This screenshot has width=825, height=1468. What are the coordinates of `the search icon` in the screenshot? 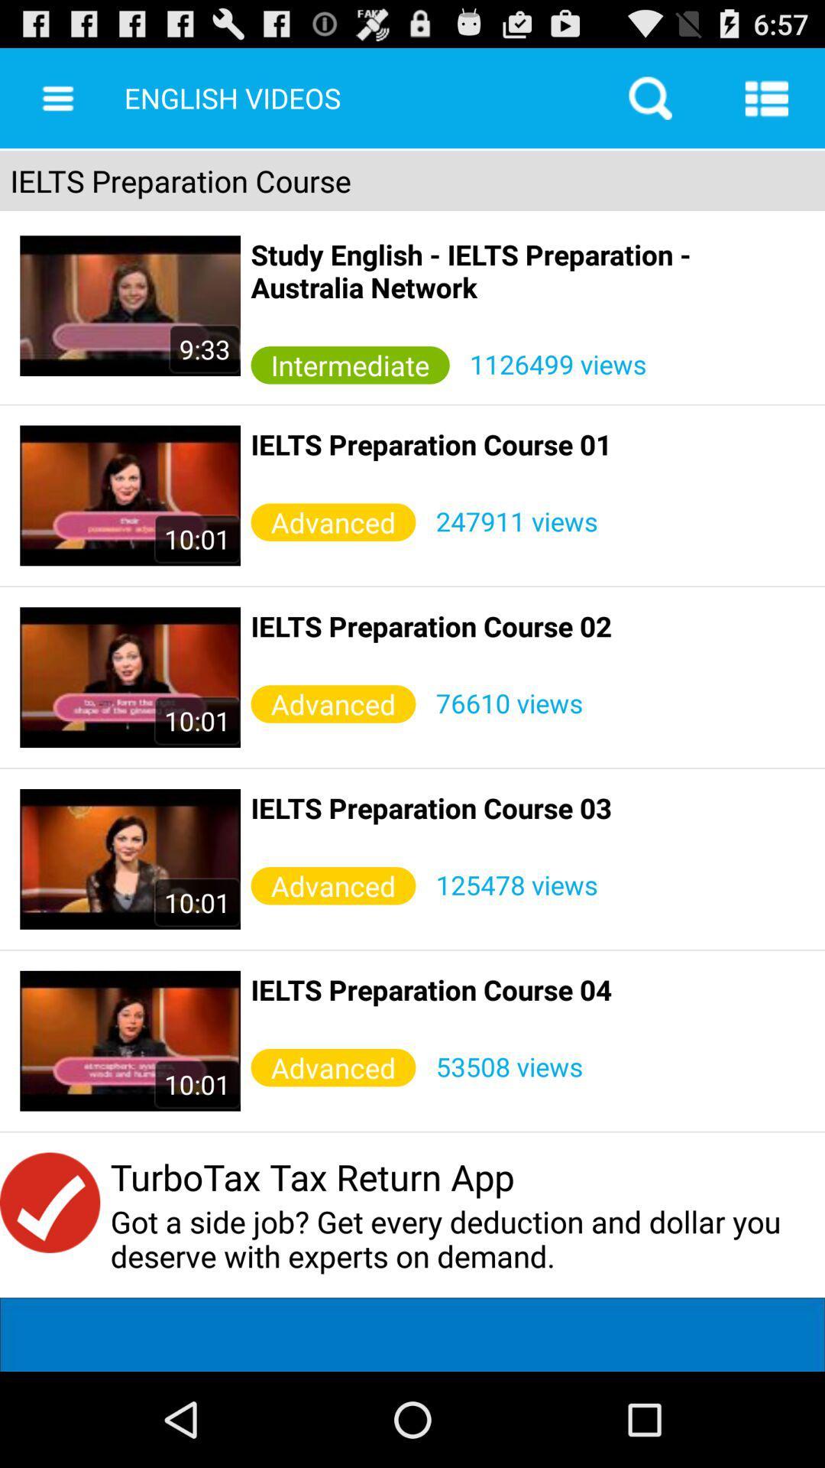 It's located at (650, 104).